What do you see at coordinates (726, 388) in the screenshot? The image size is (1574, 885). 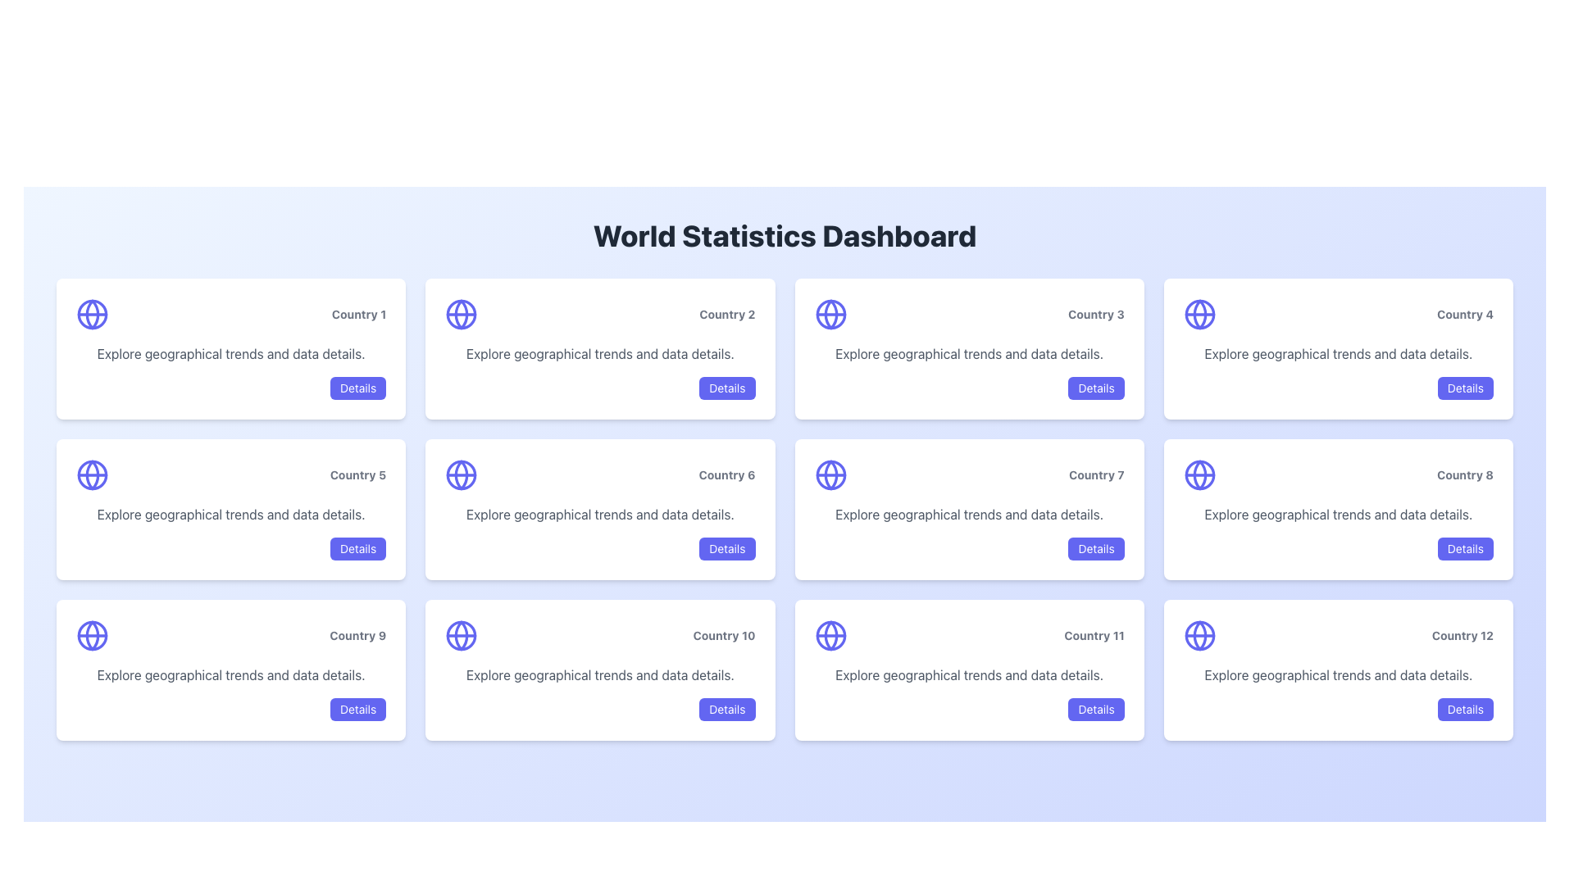 I see `the 'Details' button located in the bottom-right corner of the second card under the 'World Statistics Dashboard' heading` at bounding box center [726, 388].